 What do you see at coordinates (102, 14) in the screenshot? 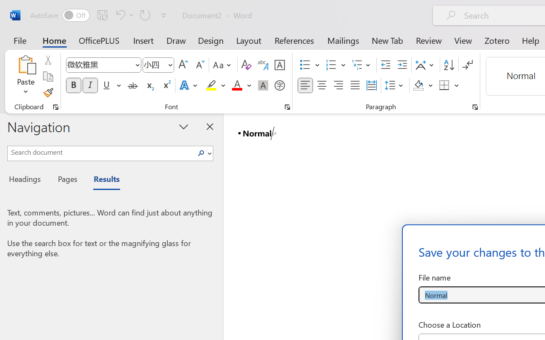
I see `'Save'` at bounding box center [102, 14].